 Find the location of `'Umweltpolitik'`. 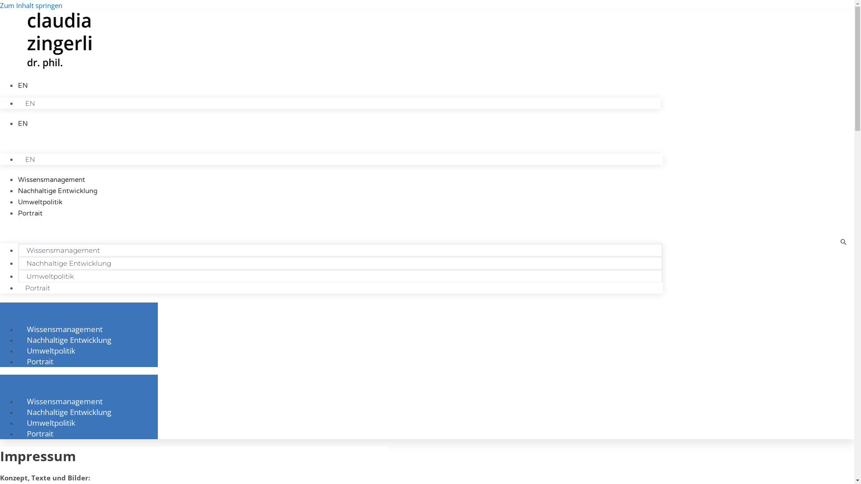

'Umweltpolitik' is located at coordinates (39, 202).